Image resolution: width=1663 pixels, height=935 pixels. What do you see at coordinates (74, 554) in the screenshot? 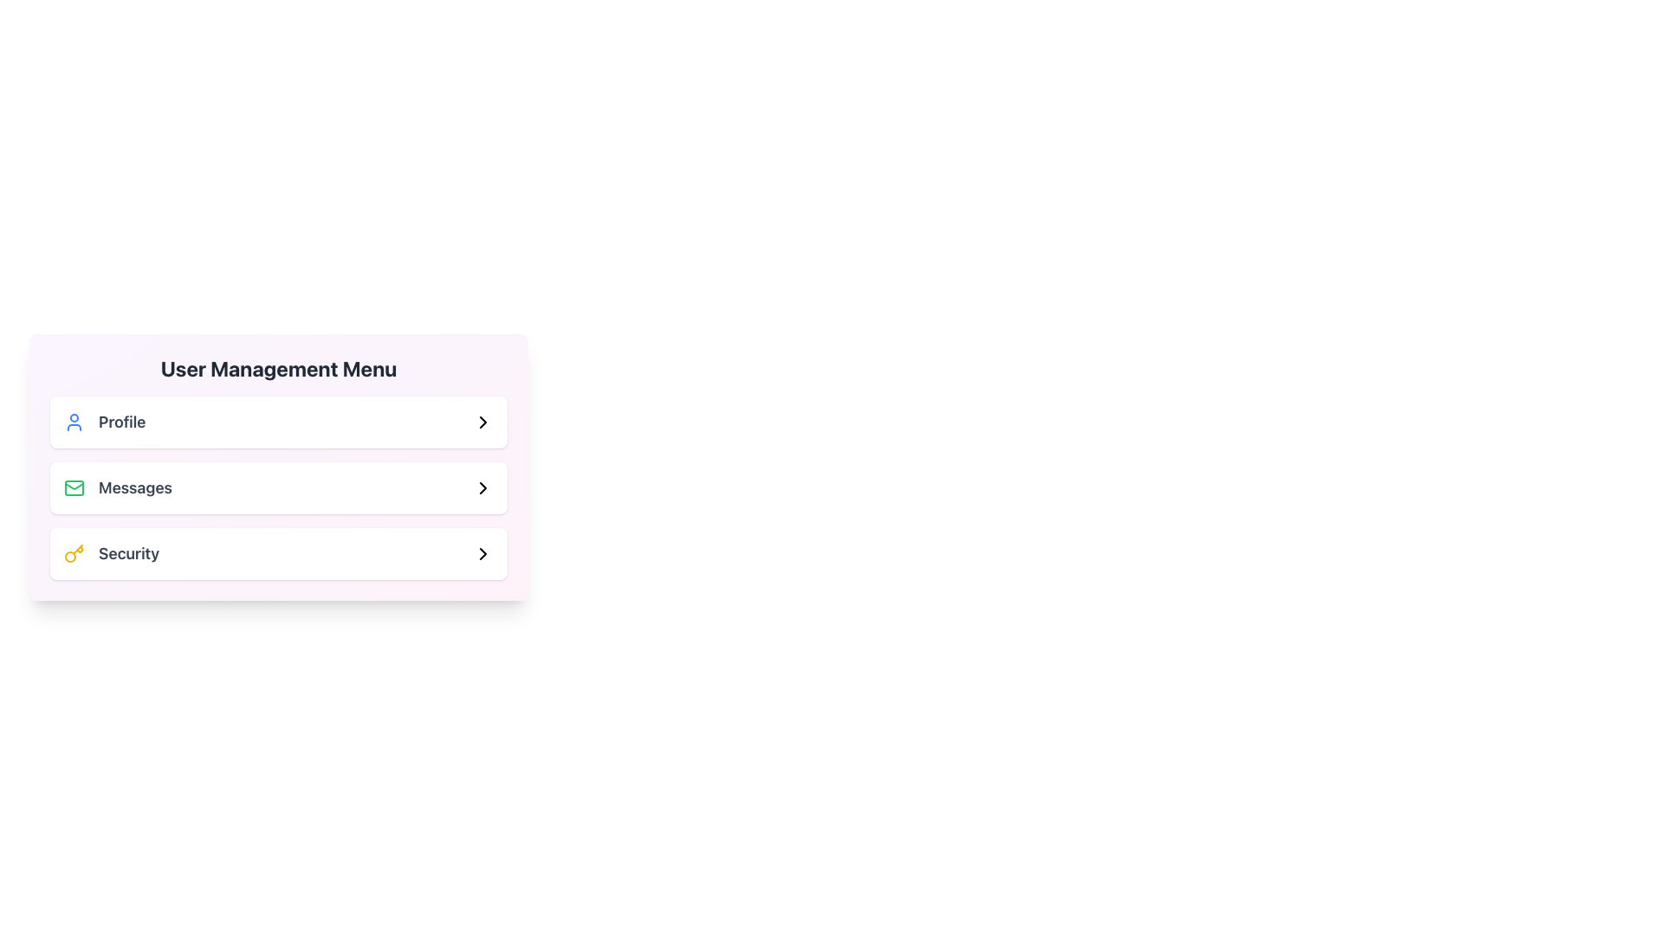
I see `the icon representing the 'Security' menu option, which is located to the left of the 'Security' text label in the user management menu` at bounding box center [74, 554].